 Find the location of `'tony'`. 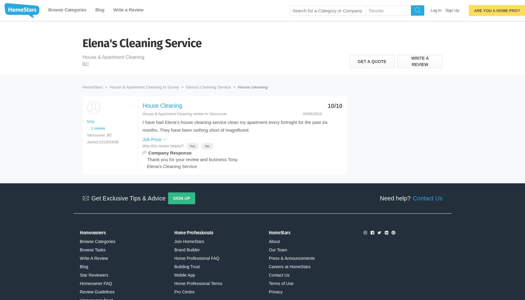

'tony' is located at coordinates (90, 121).